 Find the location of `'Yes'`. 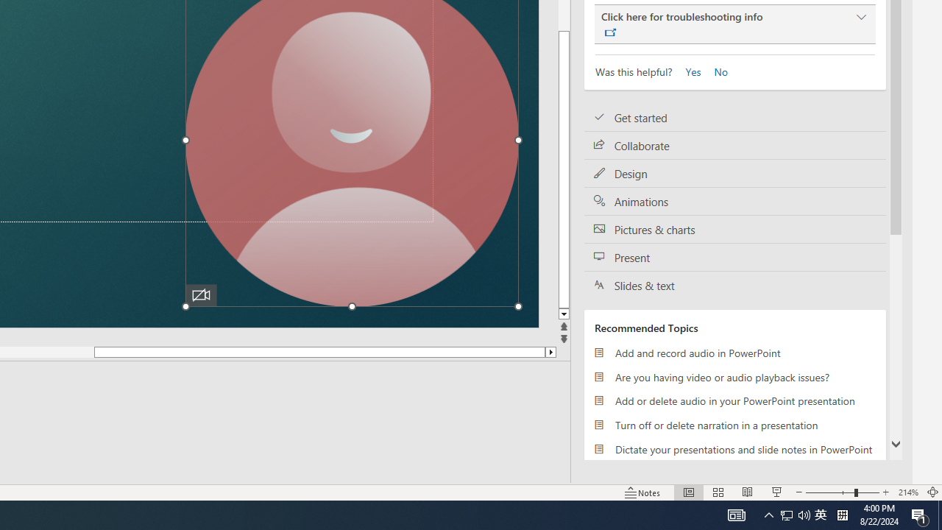

'Yes' is located at coordinates (688, 71).